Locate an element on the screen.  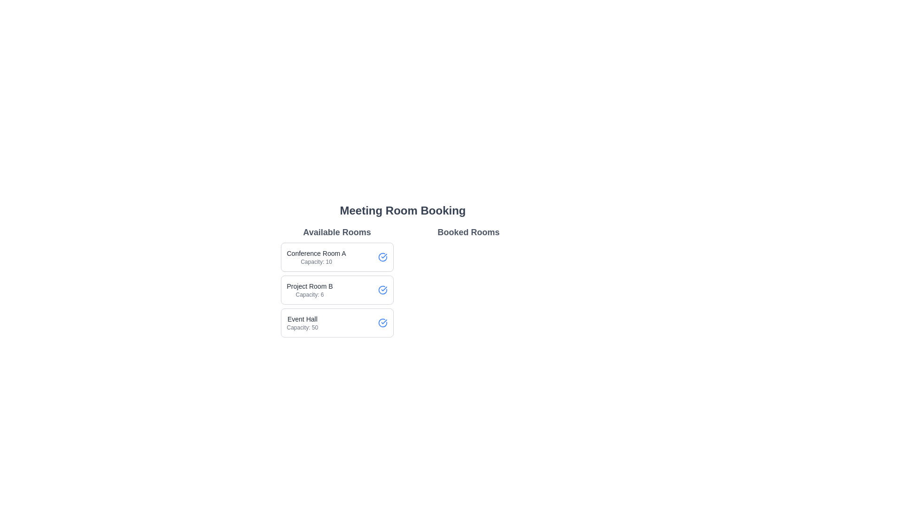
the Status Indicator (Icon) located to the right of the 'Project Room B' list item, indicating room status or selection confirmation is located at coordinates (382, 257).